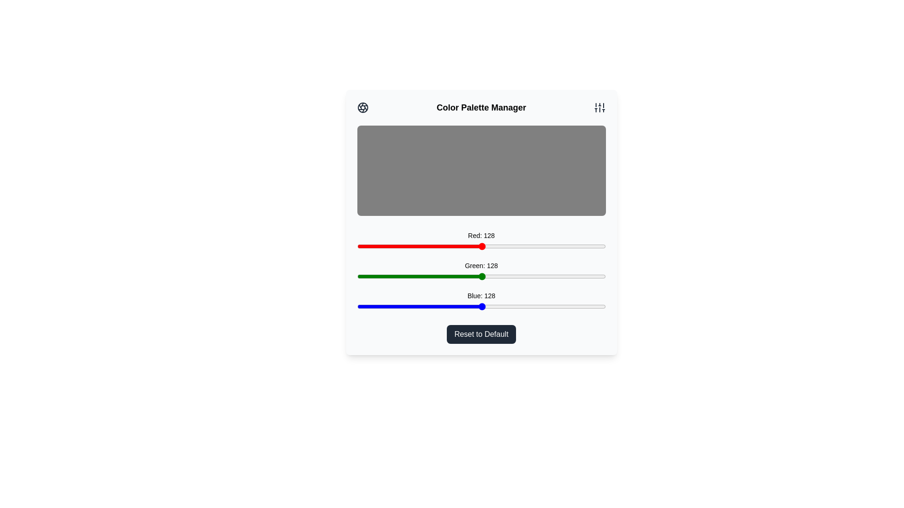 This screenshot has height=508, width=904. Describe the element at coordinates (505, 306) in the screenshot. I see `the blue slider to set the blue intensity to 152` at that location.